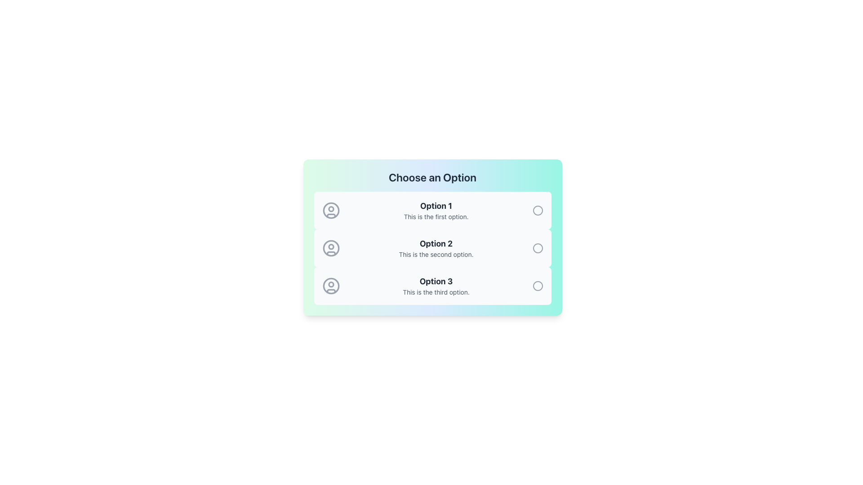 This screenshot has height=485, width=863. Describe the element at coordinates (436, 248) in the screenshot. I see `the second option in the list, which is a Text Display element providing information about the option, located between 'Option 1' and 'Option 3'` at that location.